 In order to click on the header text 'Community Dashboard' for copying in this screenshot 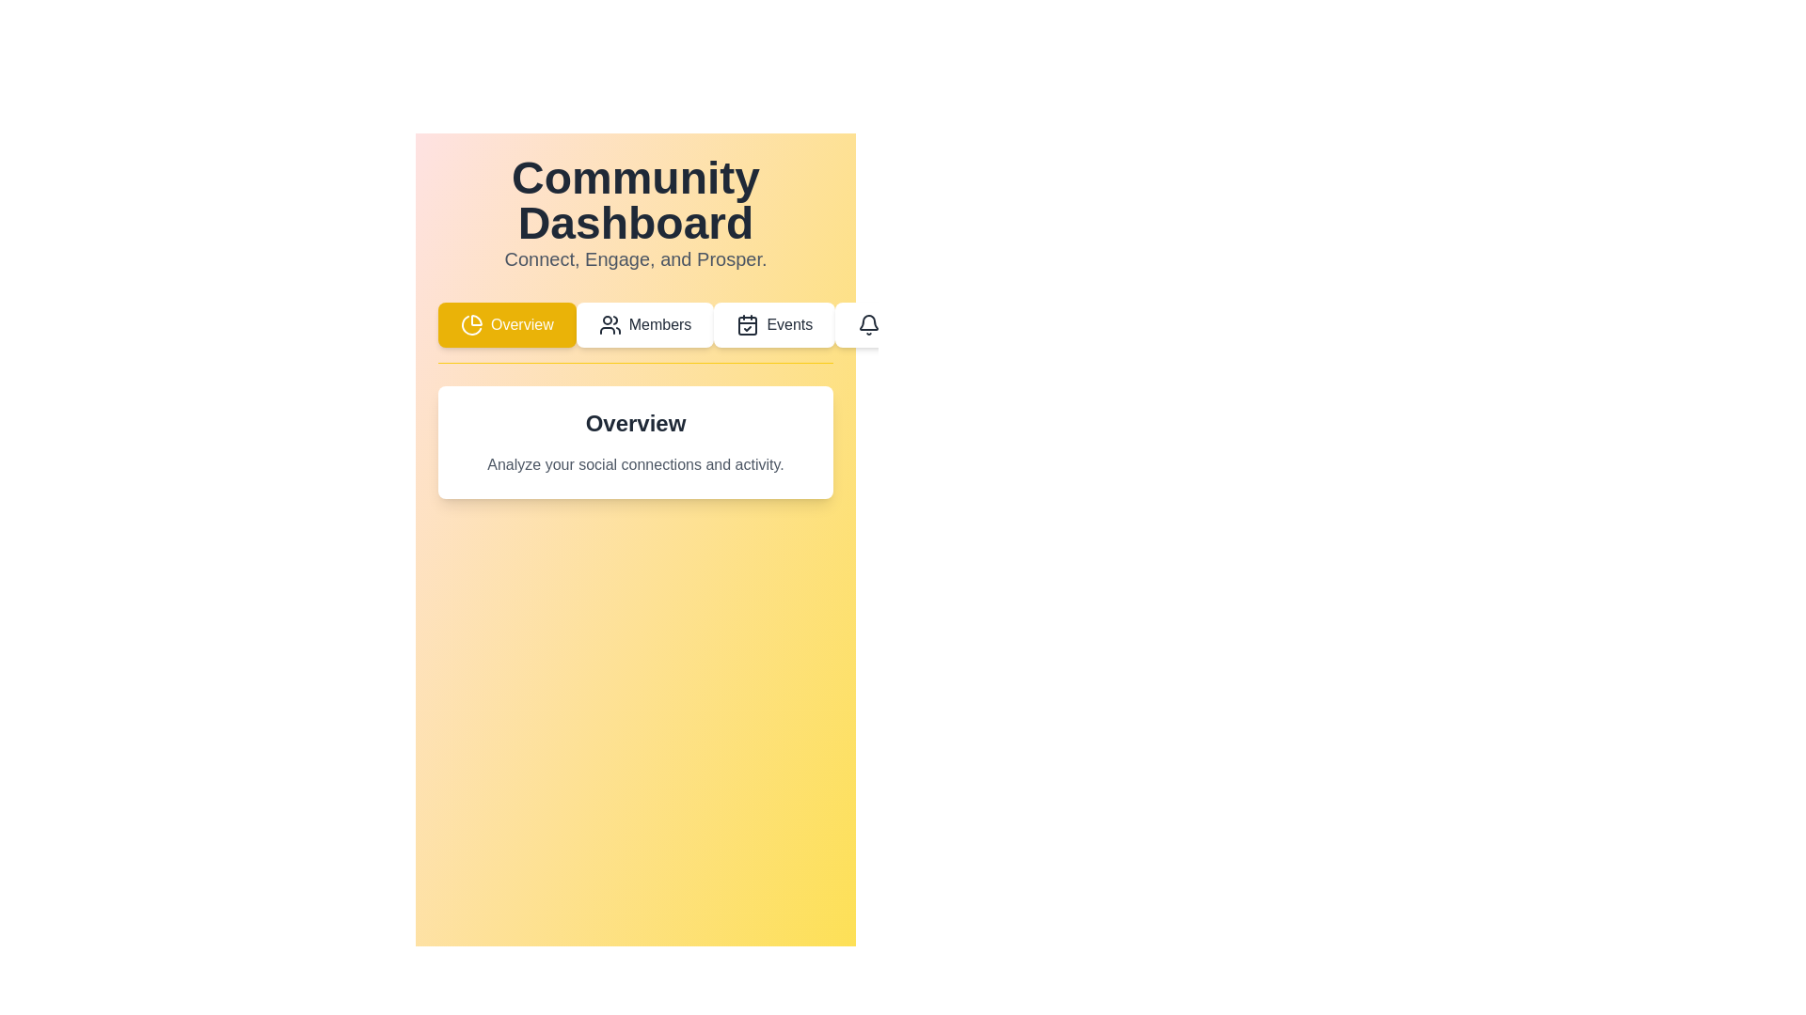, I will do `click(636, 200)`.